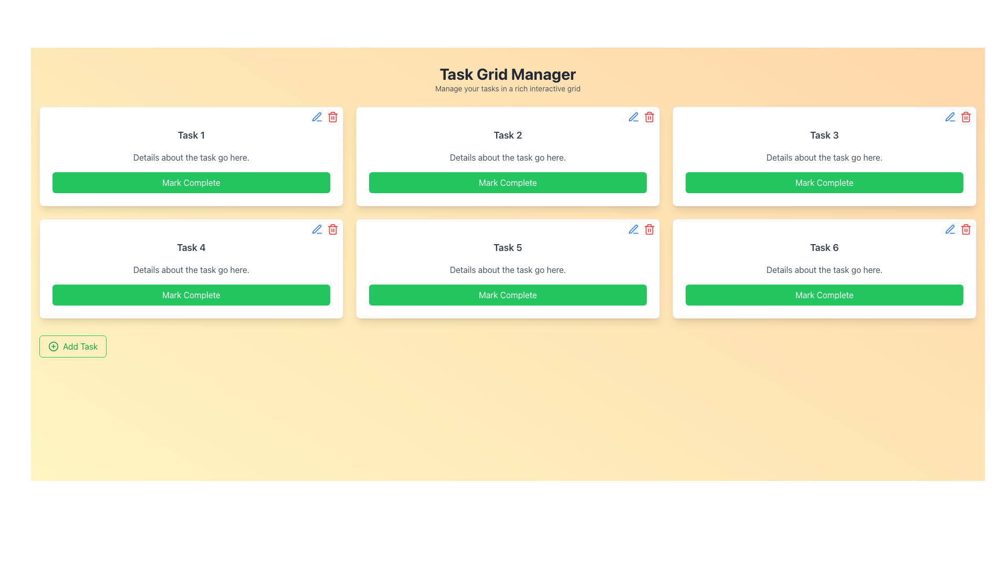 The image size is (1008, 567). What do you see at coordinates (508, 73) in the screenshot?
I see `the 'Task Grid Manager' text label which is displayed in bold, large font at the top-center of the interface against a light beige background` at bounding box center [508, 73].